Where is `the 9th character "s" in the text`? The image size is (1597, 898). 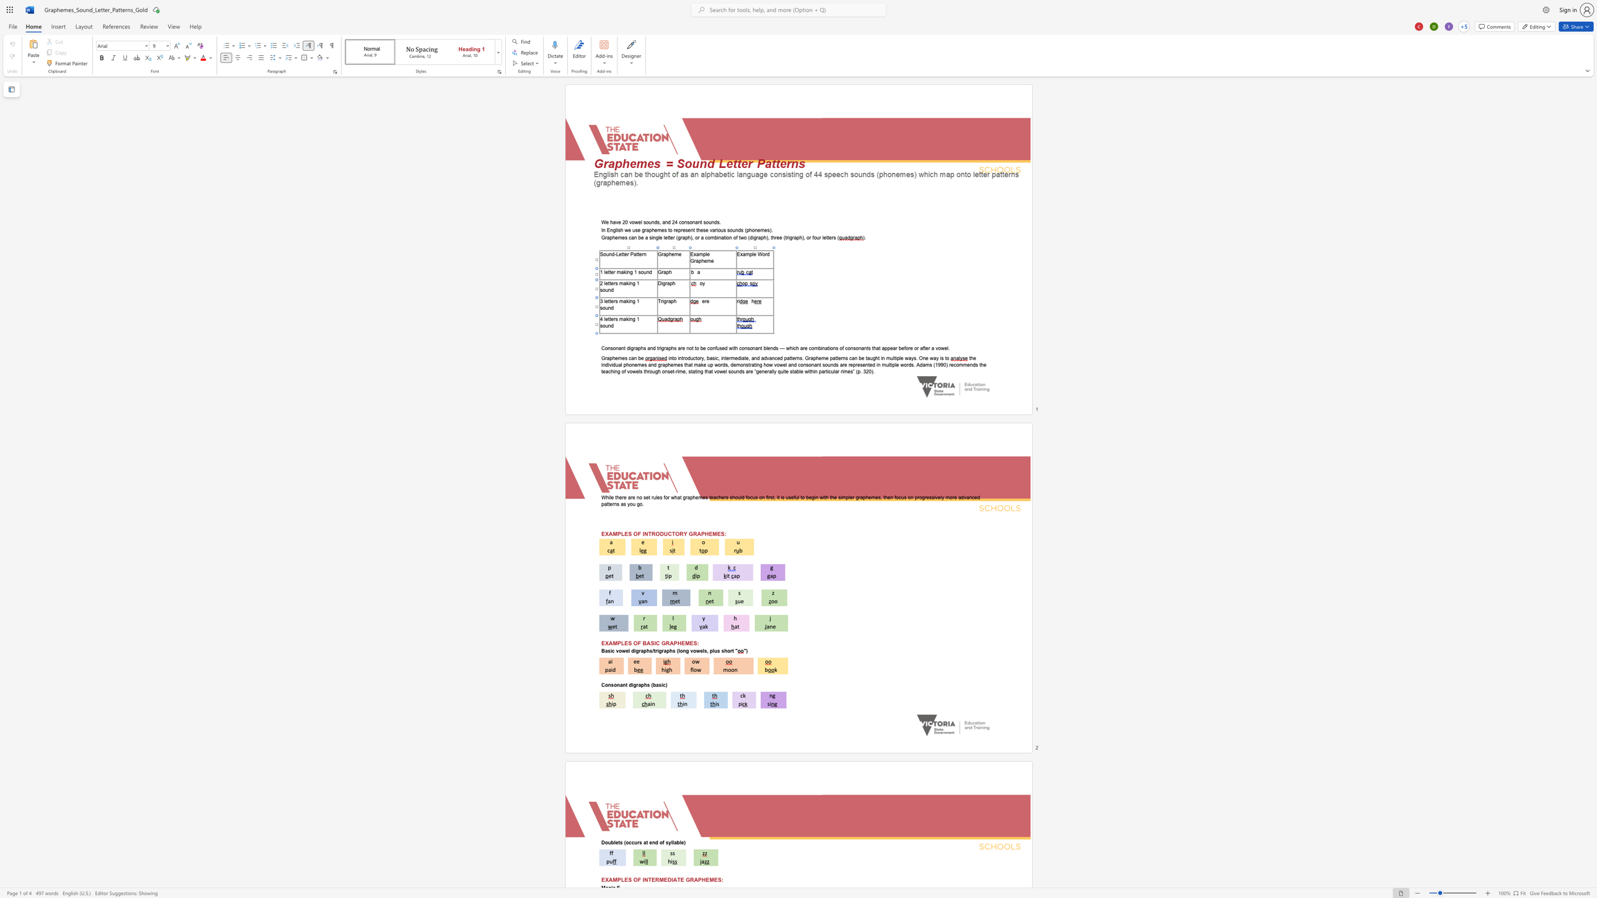 the 9th character "s" in the text is located at coordinates (789, 497).